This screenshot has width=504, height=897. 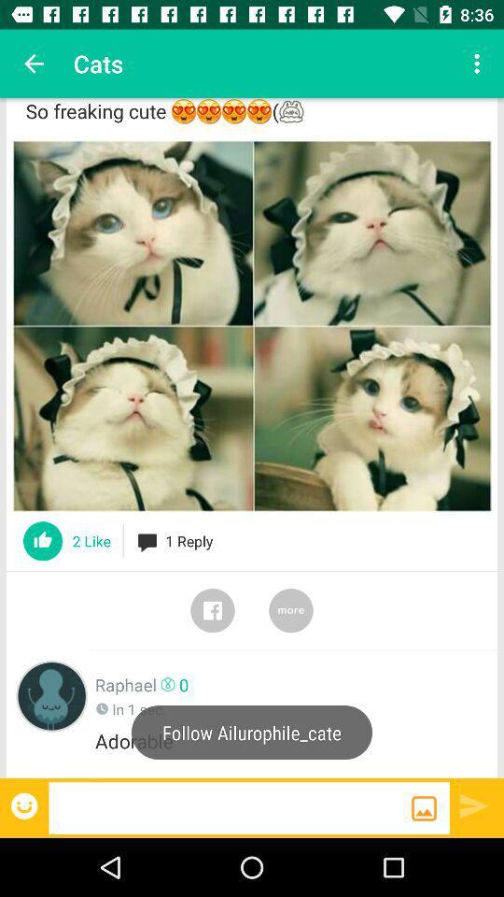 What do you see at coordinates (474, 804) in the screenshot?
I see `send message` at bounding box center [474, 804].